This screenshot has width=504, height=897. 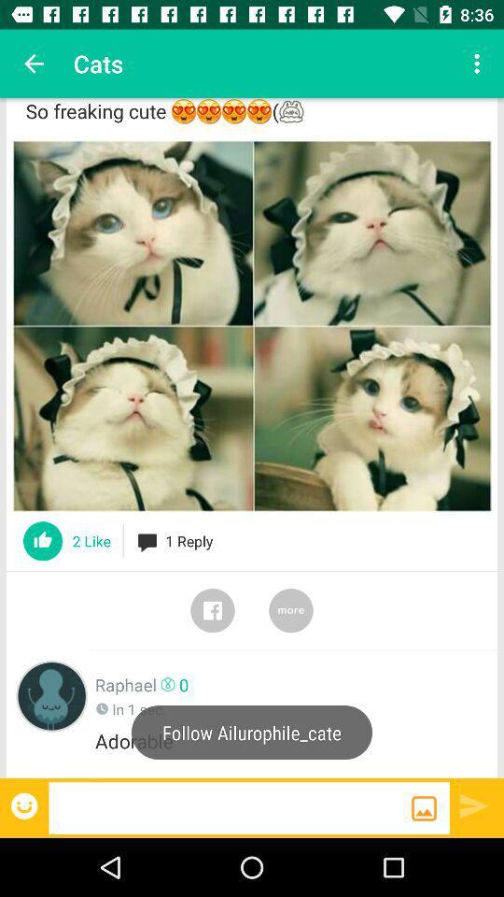 What do you see at coordinates (474, 804) in the screenshot?
I see `send message` at bounding box center [474, 804].